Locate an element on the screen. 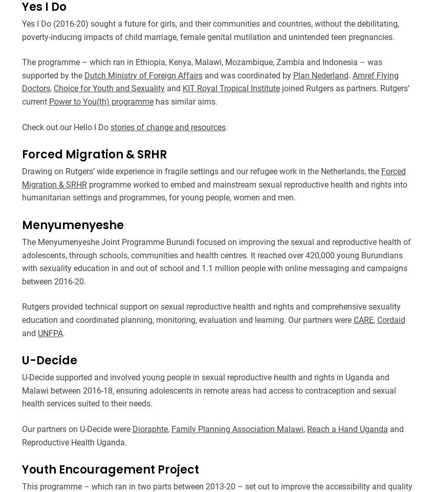 The width and height of the screenshot is (435, 492). 'KIT Royal Tropical Institute' is located at coordinates (230, 88).